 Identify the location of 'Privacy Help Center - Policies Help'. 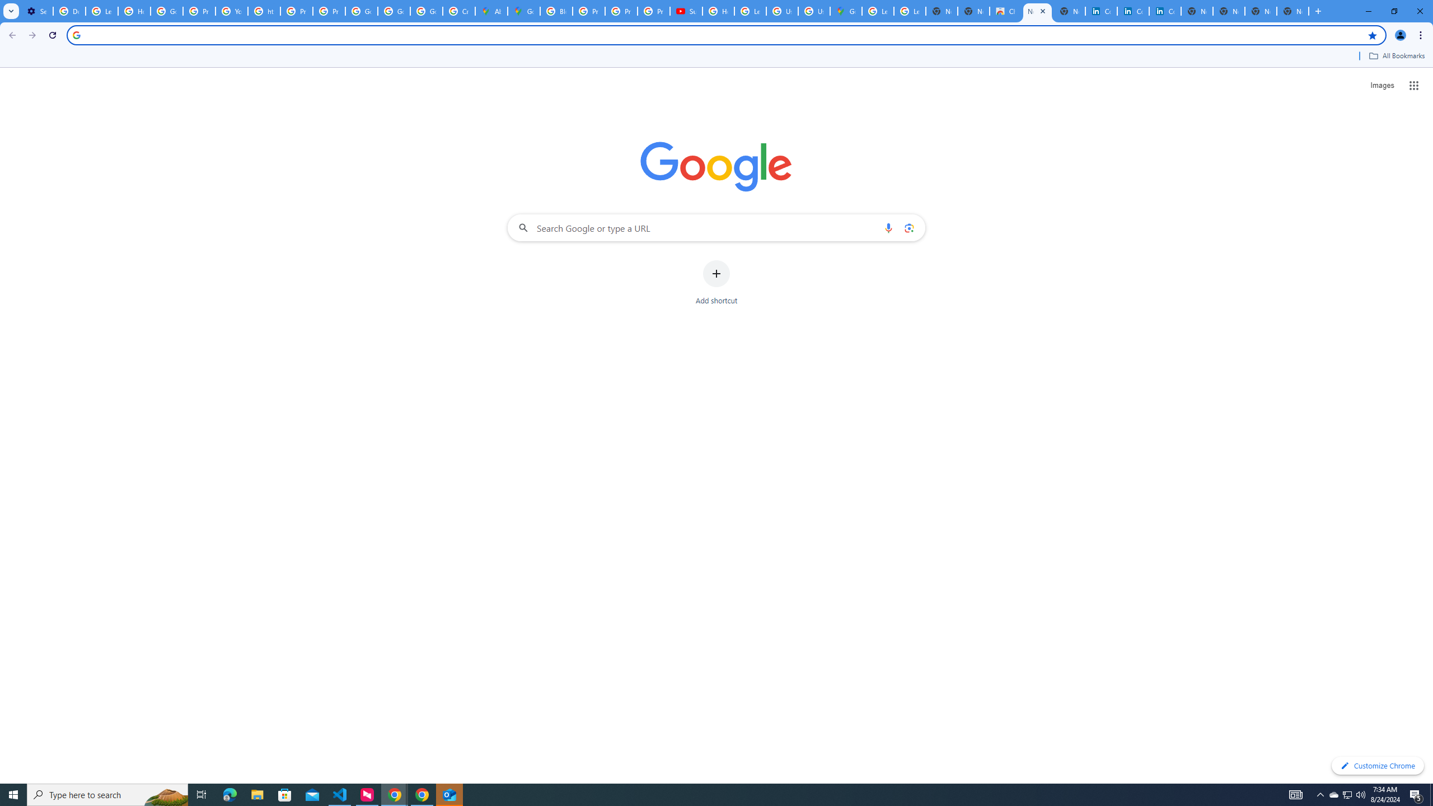
(296, 11).